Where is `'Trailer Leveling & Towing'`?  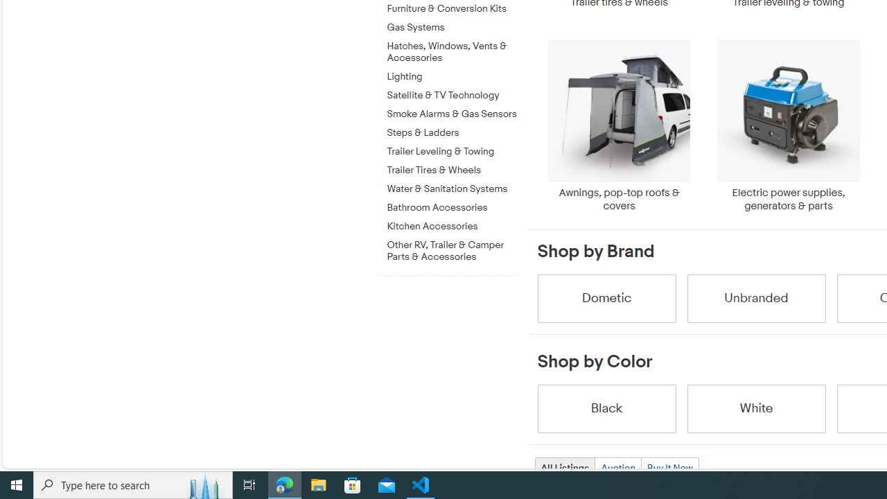
'Trailer Leveling & Towing' is located at coordinates (453, 152).